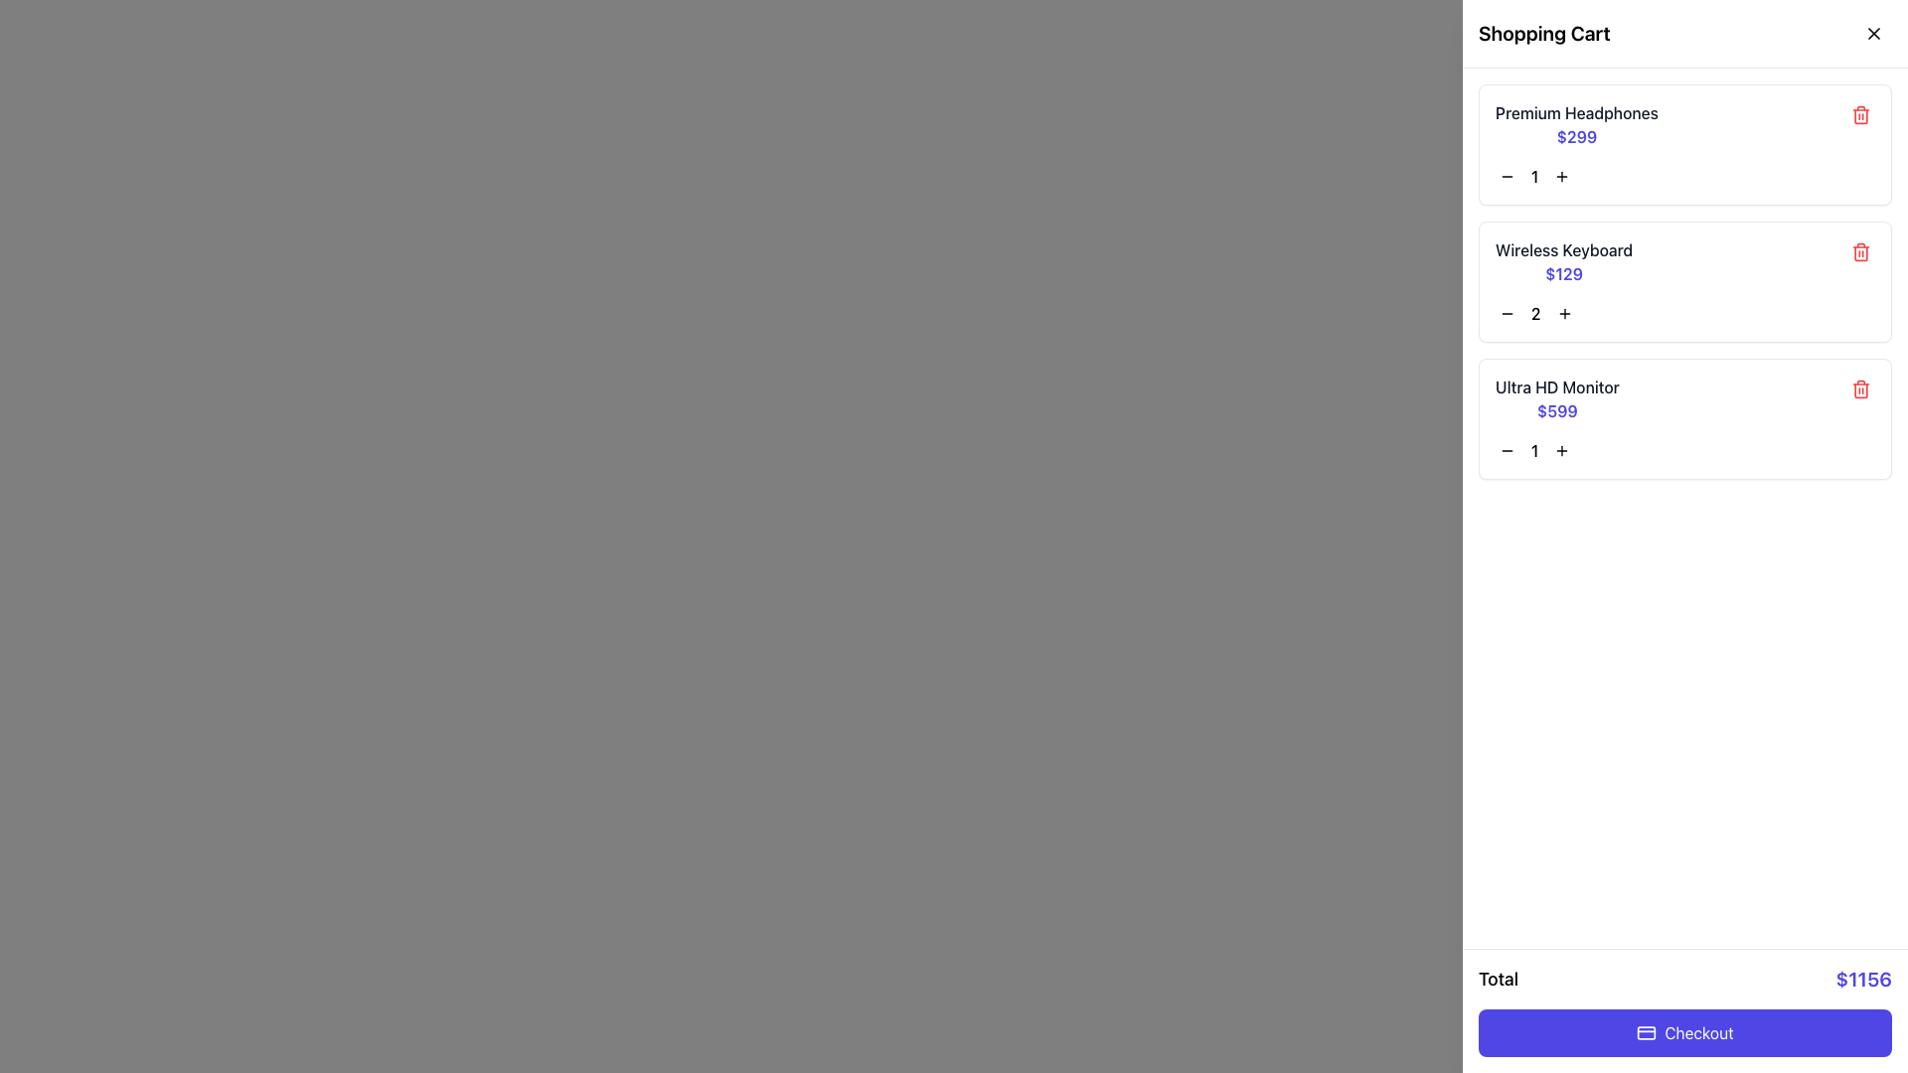 The height and width of the screenshot is (1073, 1908). I want to click on the trash can icon, which is a red icon indicating a delete action, located in the top-right corner of the shopping cart item section, so click(1859, 116).